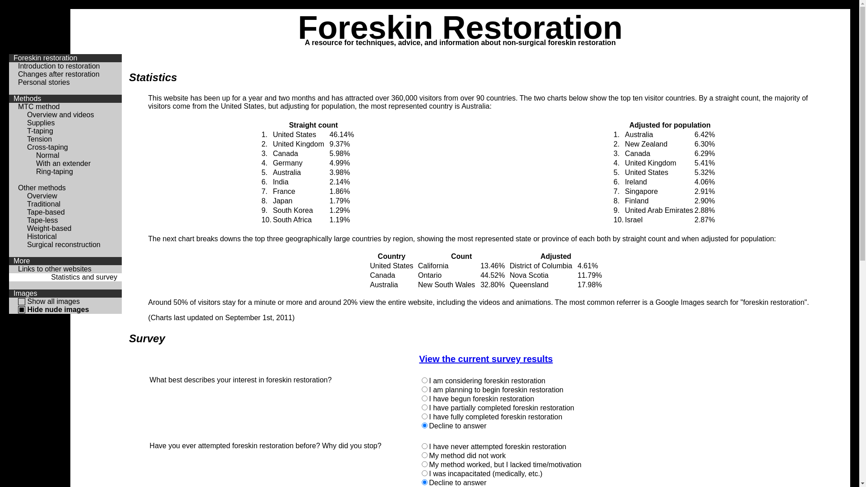  Describe the element at coordinates (54, 268) in the screenshot. I see `'Links to other websites'` at that location.